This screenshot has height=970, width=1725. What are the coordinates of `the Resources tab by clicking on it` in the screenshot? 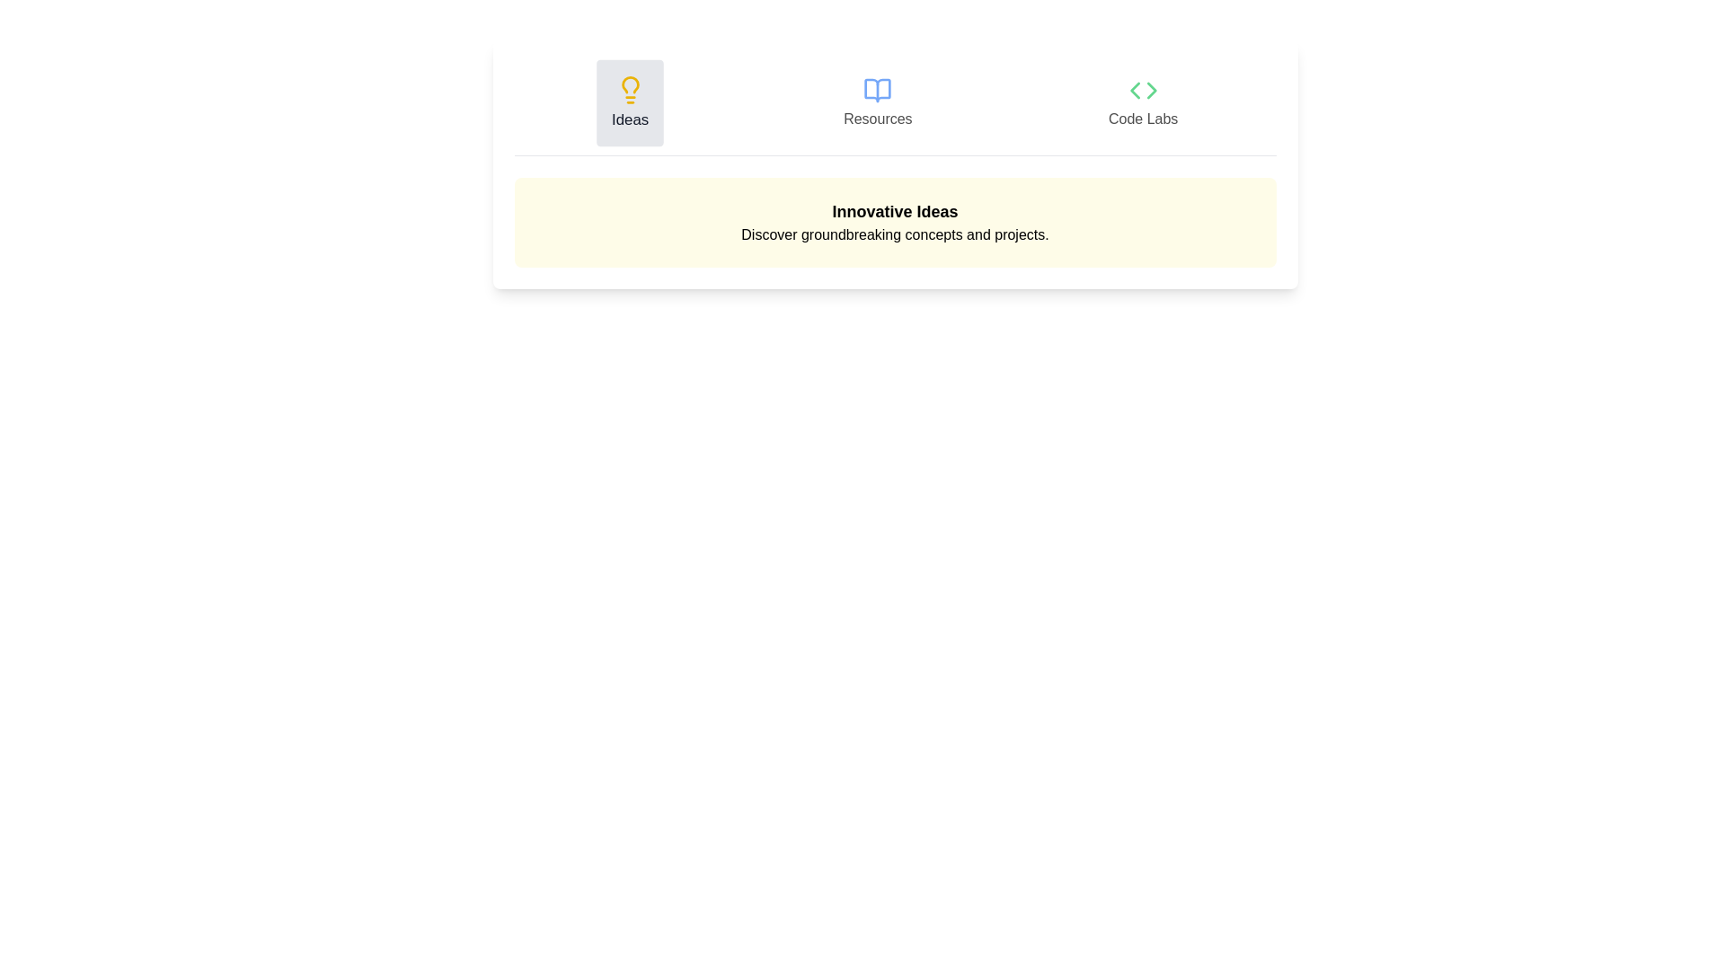 It's located at (878, 103).